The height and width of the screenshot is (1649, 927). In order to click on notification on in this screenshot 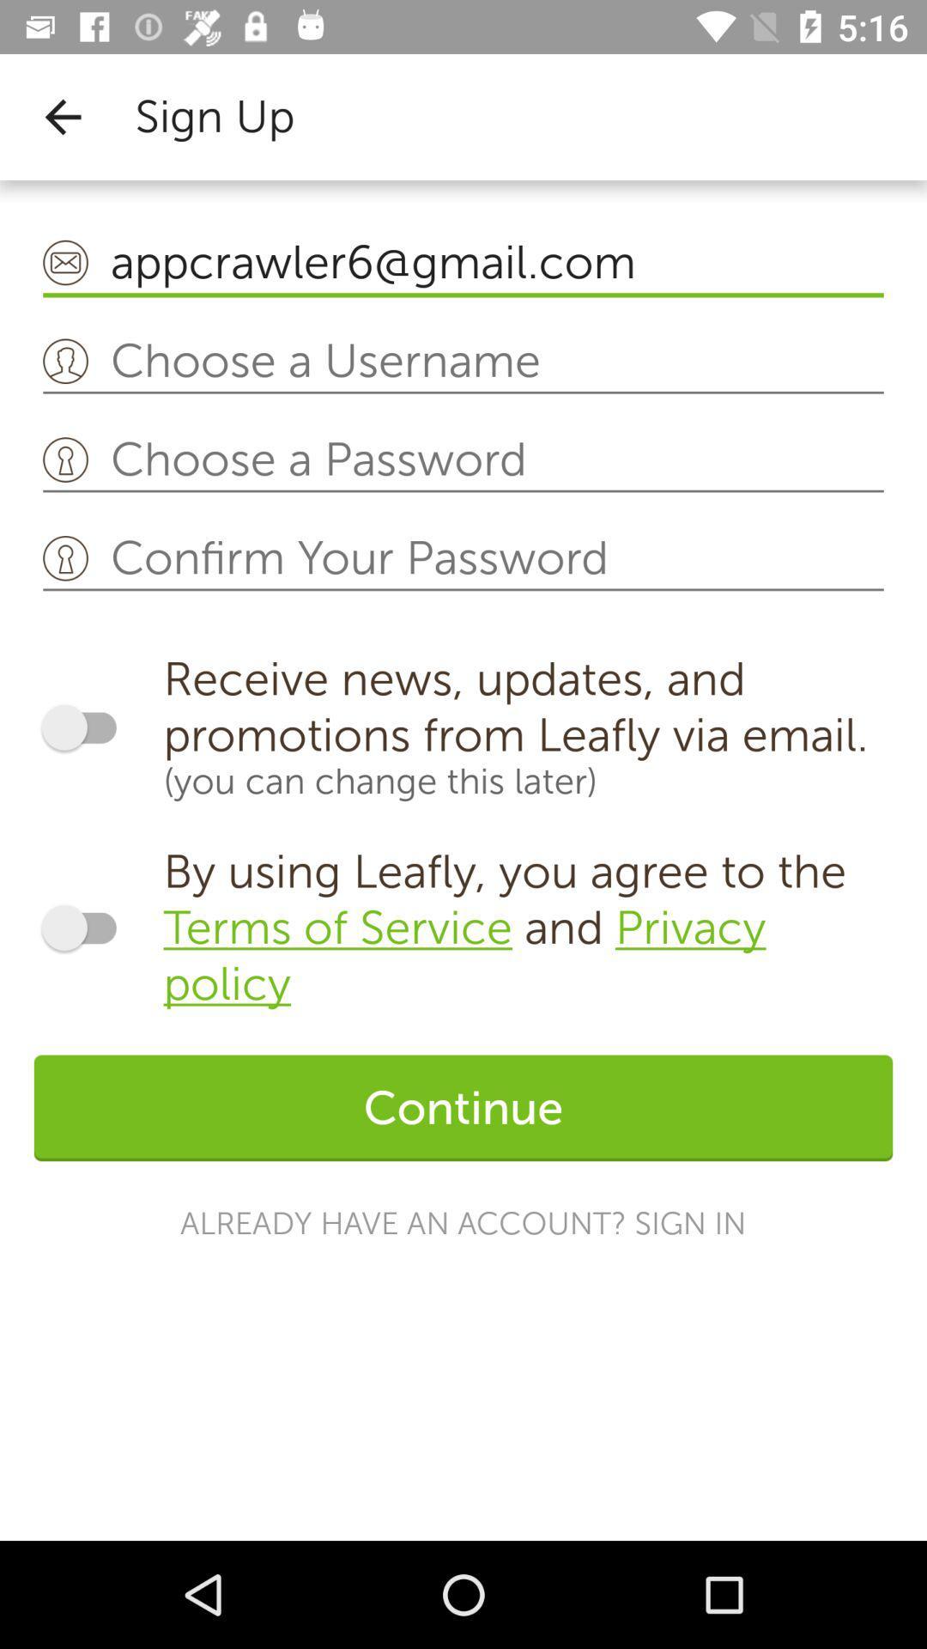, I will do `click(87, 727)`.